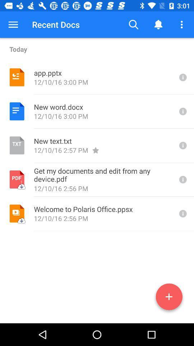 Image resolution: width=194 pixels, height=346 pixels. I want to click on document, so click(169, 298).